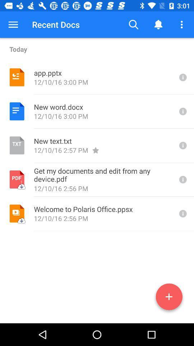 Image resolution: width=194 pixels, height=346 pixels. I want to click on document, so click(169, 298).